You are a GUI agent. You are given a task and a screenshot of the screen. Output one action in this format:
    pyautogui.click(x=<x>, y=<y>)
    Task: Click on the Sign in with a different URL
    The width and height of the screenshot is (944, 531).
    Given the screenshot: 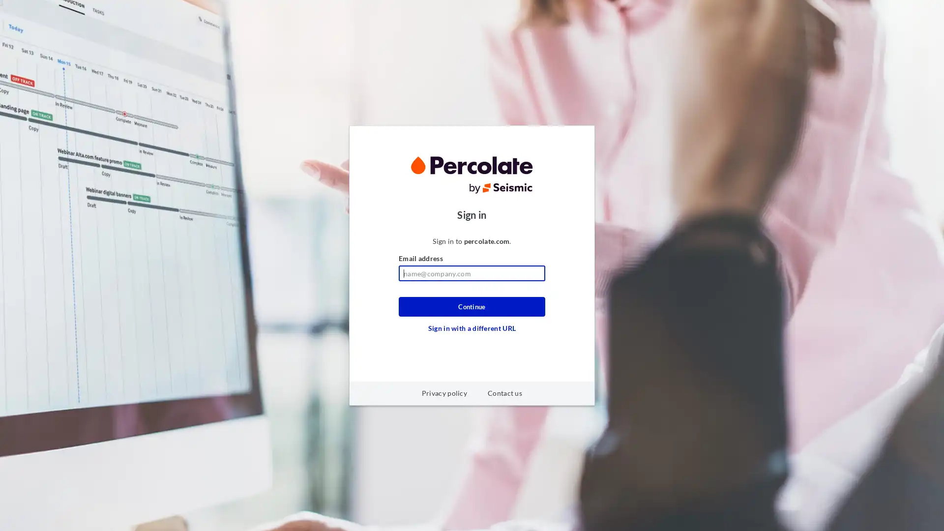 What is the action you would take?
    pyautogui.click(x=472, y=328)
    